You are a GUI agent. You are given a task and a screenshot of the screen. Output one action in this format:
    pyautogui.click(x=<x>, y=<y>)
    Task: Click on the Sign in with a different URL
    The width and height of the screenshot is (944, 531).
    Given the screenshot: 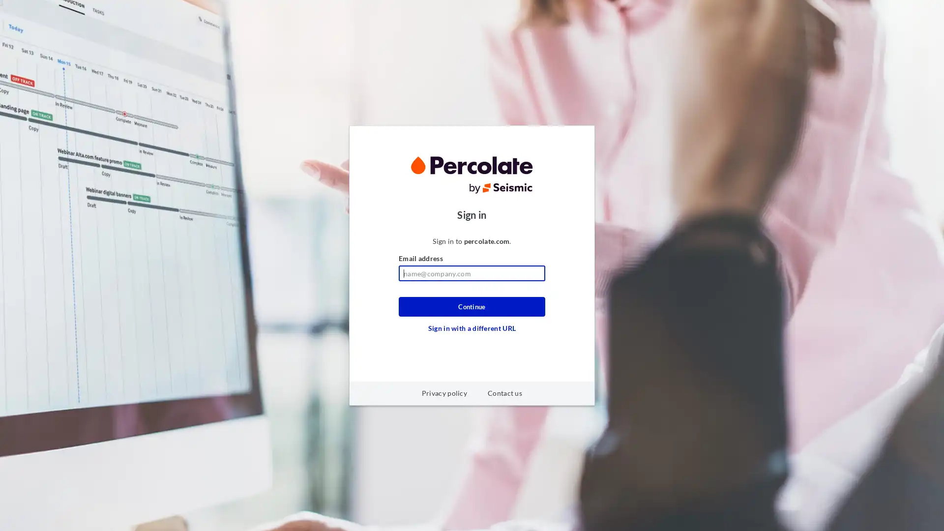 What is the action you would take?
    pyautogui.click(x=472, y=328)
    